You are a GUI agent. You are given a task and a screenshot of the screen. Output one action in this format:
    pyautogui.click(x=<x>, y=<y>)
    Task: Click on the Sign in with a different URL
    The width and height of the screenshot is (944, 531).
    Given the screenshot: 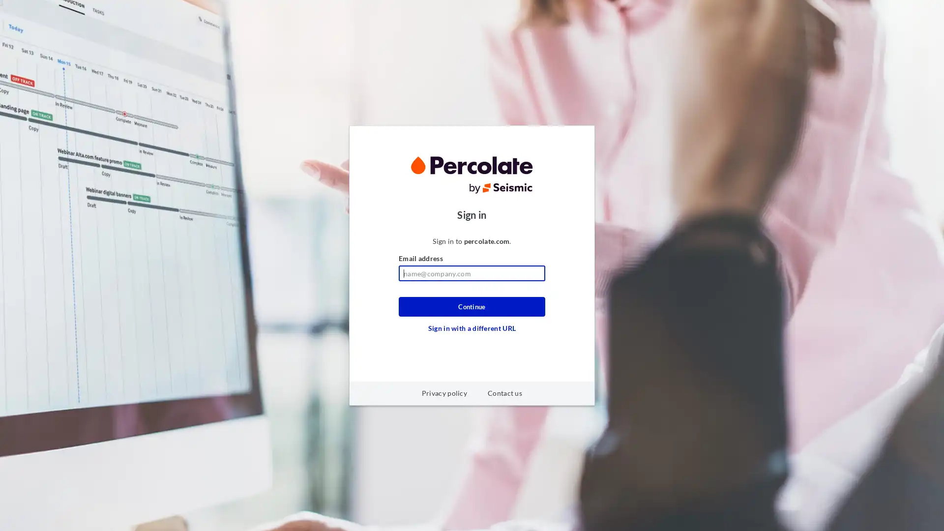 What is the action you would take?
    pyautogui.click(x=472, y=328)
    